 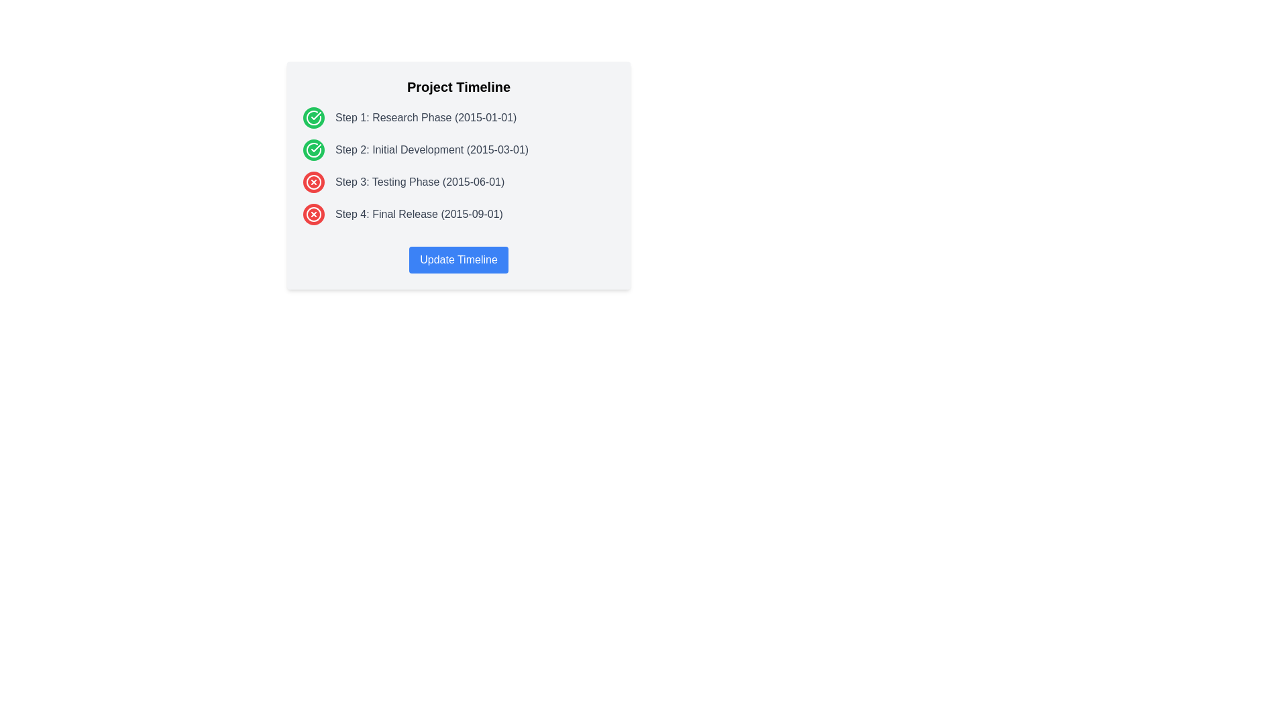 What do you see at coordinates (459, 260) in the screenshot?
I see `the button located centrally within the project timeline card, which triggers a color change effect` at bounding box center [459, 260].